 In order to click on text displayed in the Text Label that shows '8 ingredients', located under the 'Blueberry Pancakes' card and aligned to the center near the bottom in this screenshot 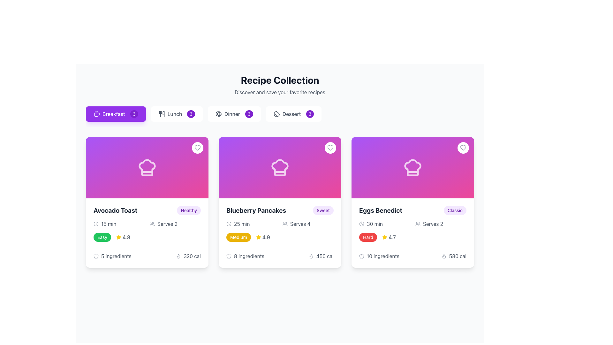, I will do `click(249, 256)`.